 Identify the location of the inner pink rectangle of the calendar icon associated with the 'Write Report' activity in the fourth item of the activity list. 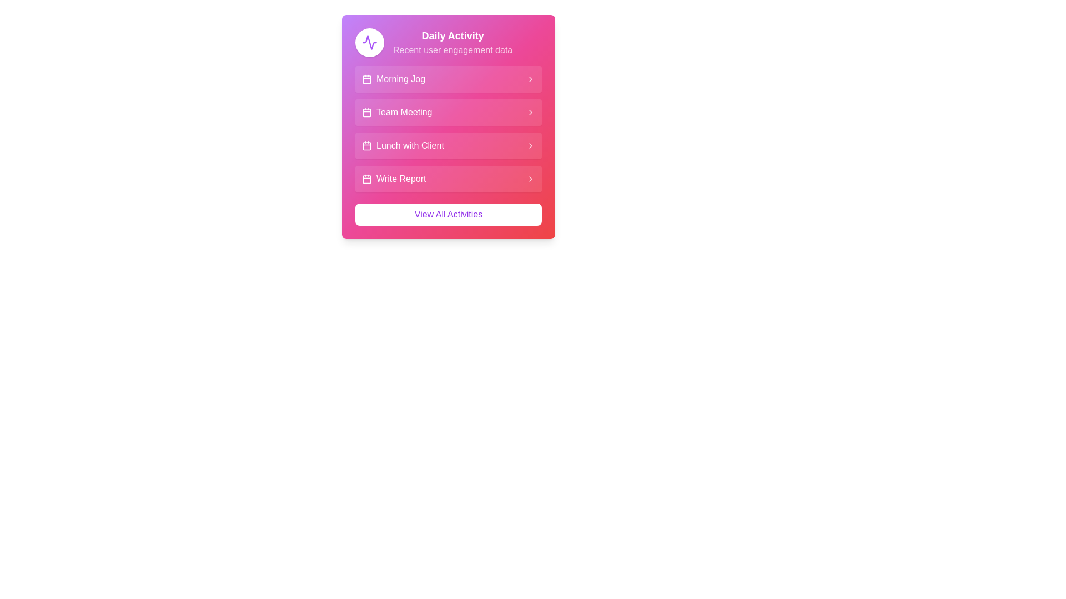
(367, 179).